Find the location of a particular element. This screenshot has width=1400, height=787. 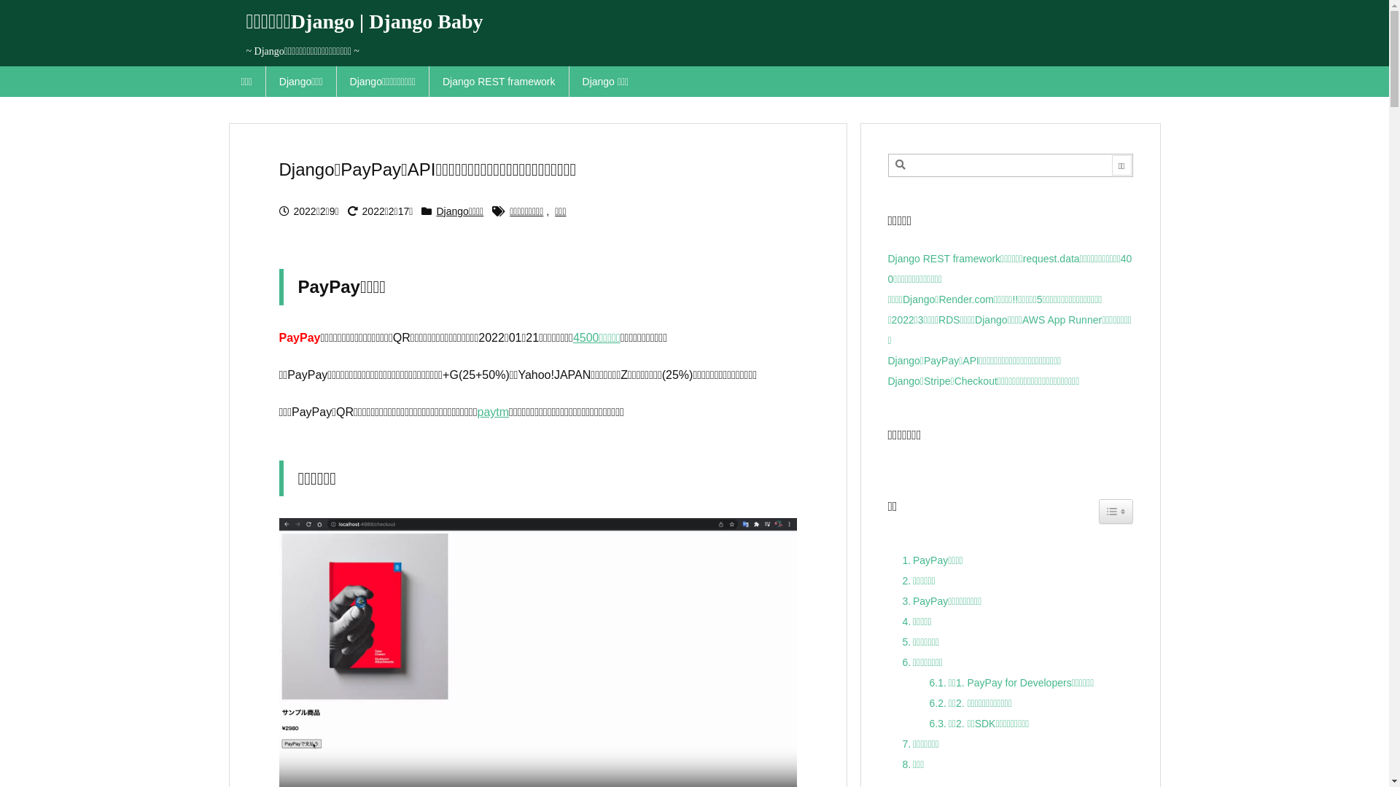

'paytm' is located at coordinates (493, 412).